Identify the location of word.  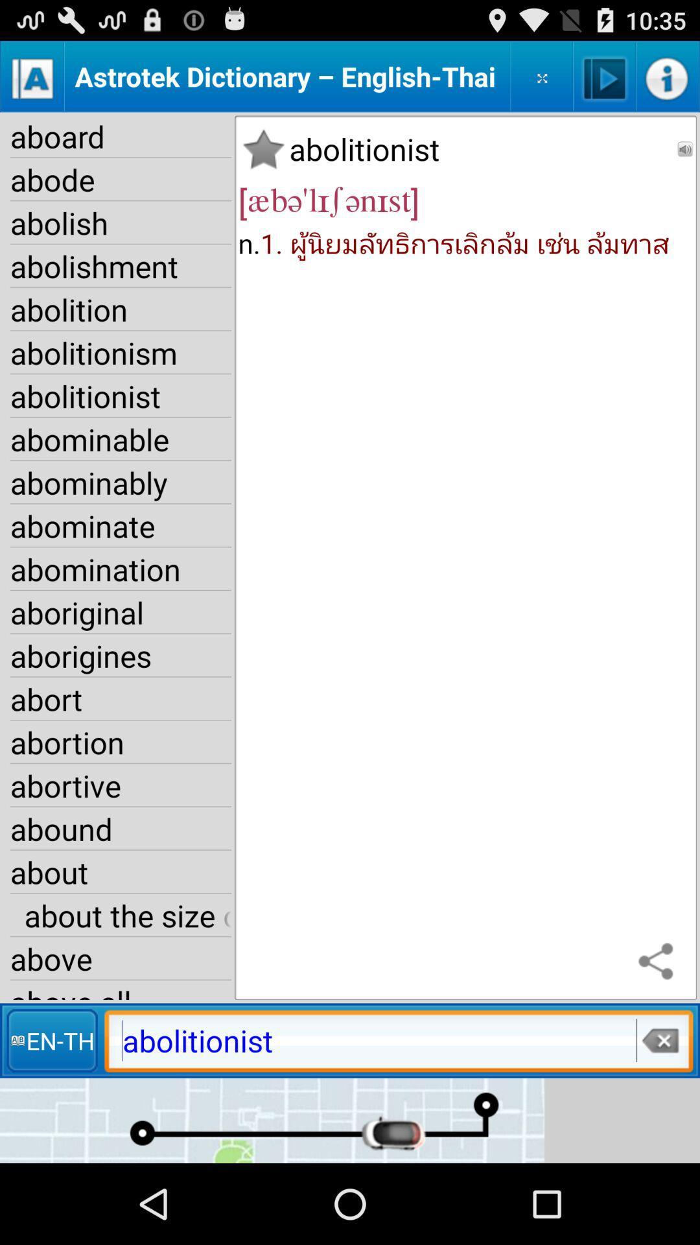
(262, 149).